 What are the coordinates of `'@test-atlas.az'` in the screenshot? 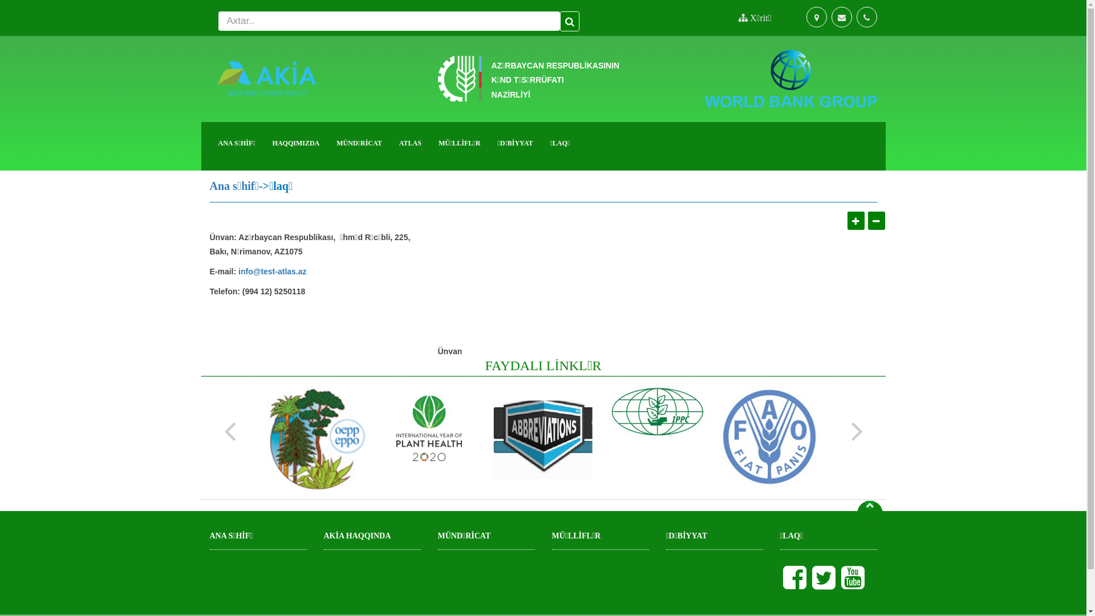 It's located at (279, 273).